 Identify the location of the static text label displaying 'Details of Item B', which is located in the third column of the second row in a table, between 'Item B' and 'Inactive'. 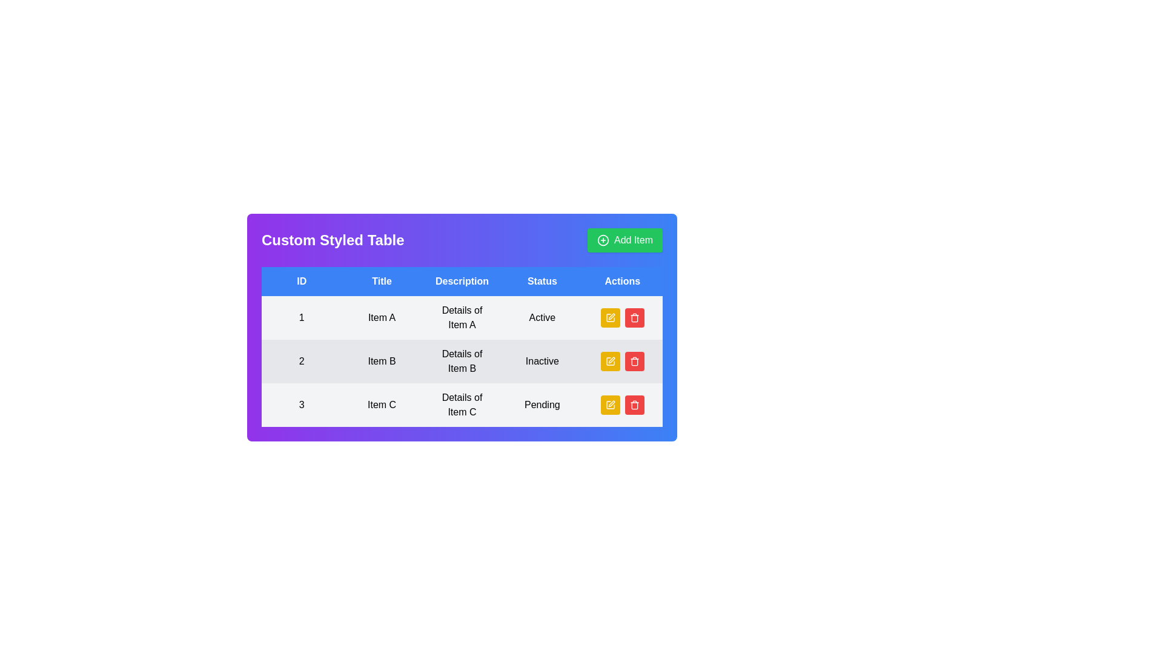
(462, 361).